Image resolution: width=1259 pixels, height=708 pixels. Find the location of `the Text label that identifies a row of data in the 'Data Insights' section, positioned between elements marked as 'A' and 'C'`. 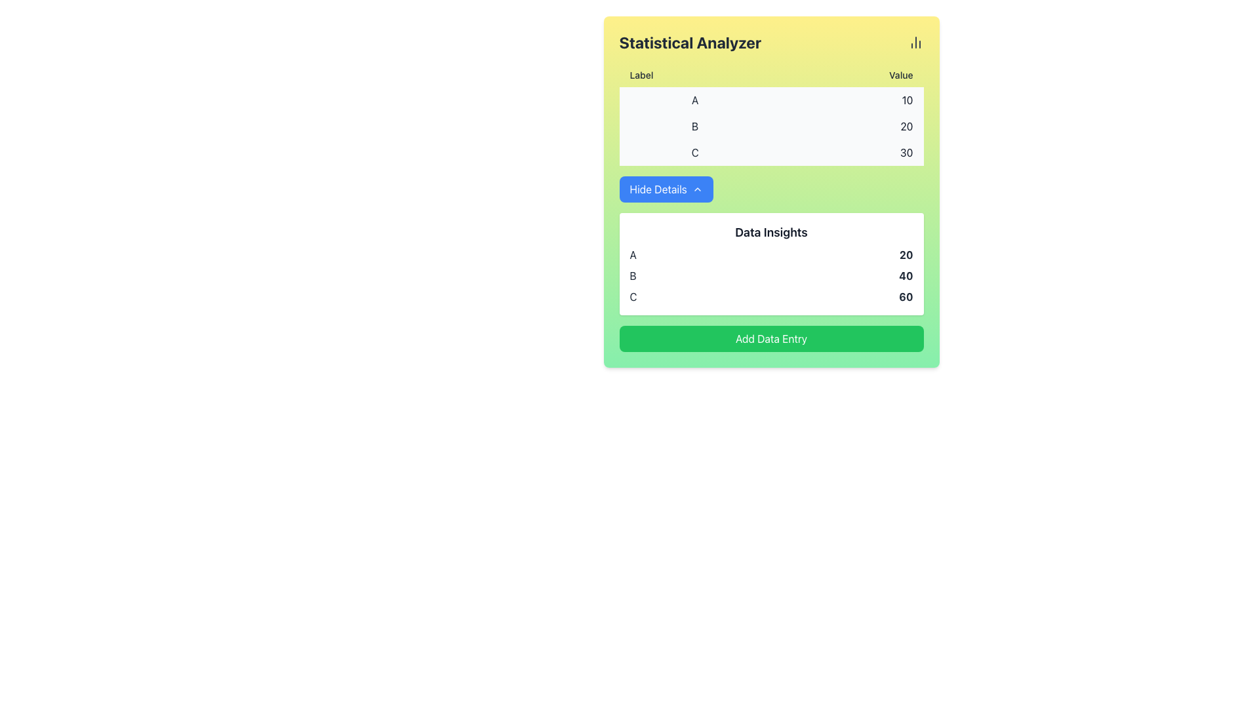

the Text label that identifies a row of data in the 'Data Insights' section, positioned between elements marked as 'A' and 'C' is located at coordinates (633, 275).